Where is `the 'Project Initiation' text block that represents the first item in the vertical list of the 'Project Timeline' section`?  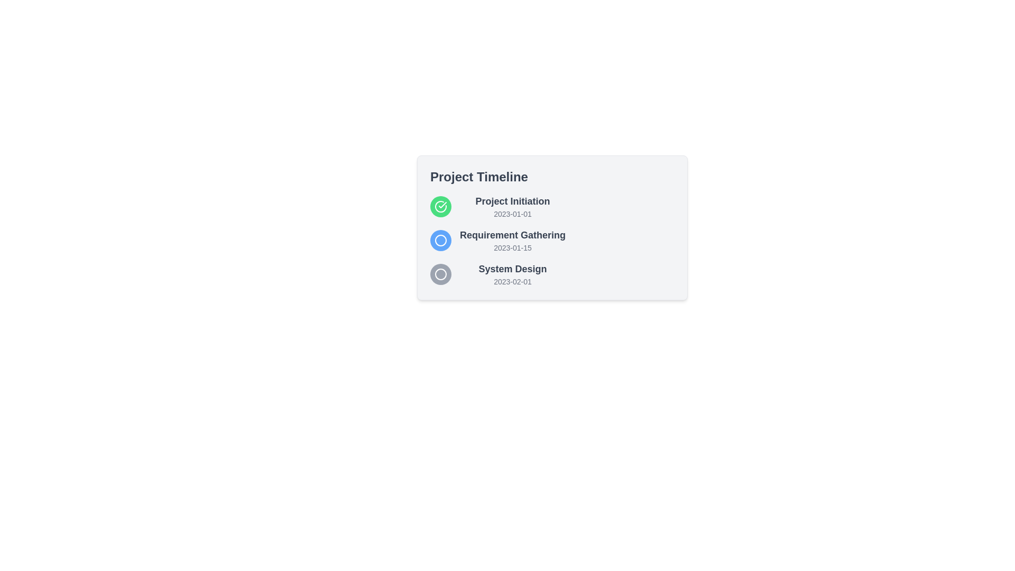 the 'Project Initiation' text block that represents the first item in the vertical list of the 'Project Timeline' section is located at coordinates (512, 206).